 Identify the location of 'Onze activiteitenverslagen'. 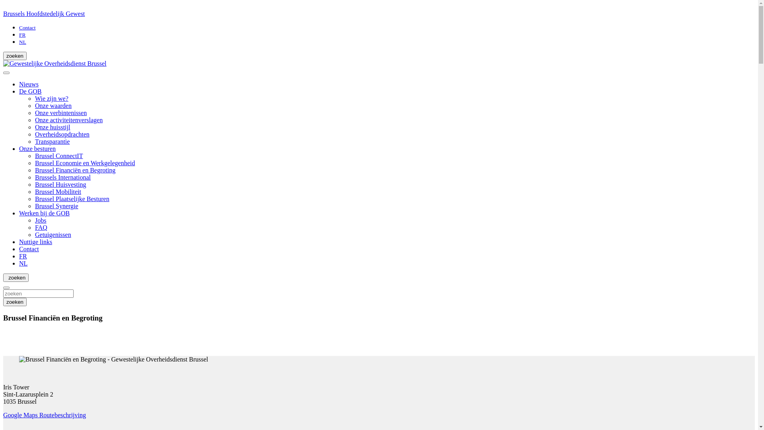
(68, 120).